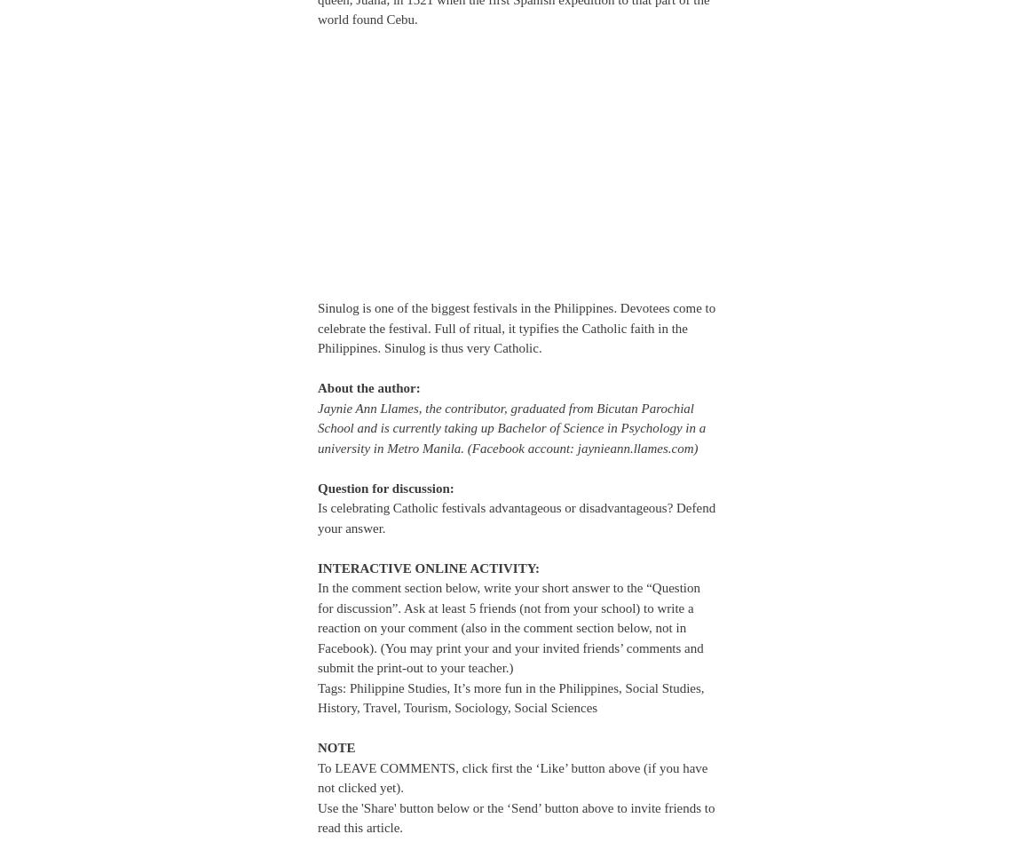  I want to click on 'To LEAVE COMMENTS, click first the ‘Like’ button above (if you have not clicked yet).', so click(511, 776).